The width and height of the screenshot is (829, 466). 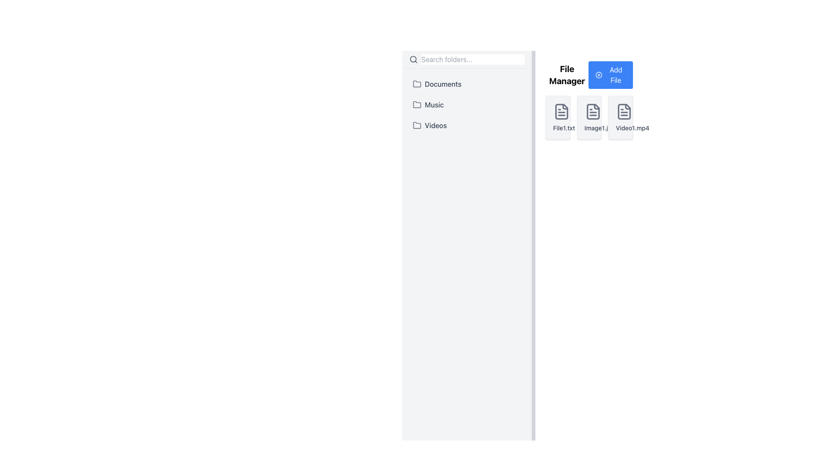 I want to click on the circular part of the search icon located at the top left of the file manager interface, adjacent to the 'Search folders...' input bar, so click(x=413, y=59).